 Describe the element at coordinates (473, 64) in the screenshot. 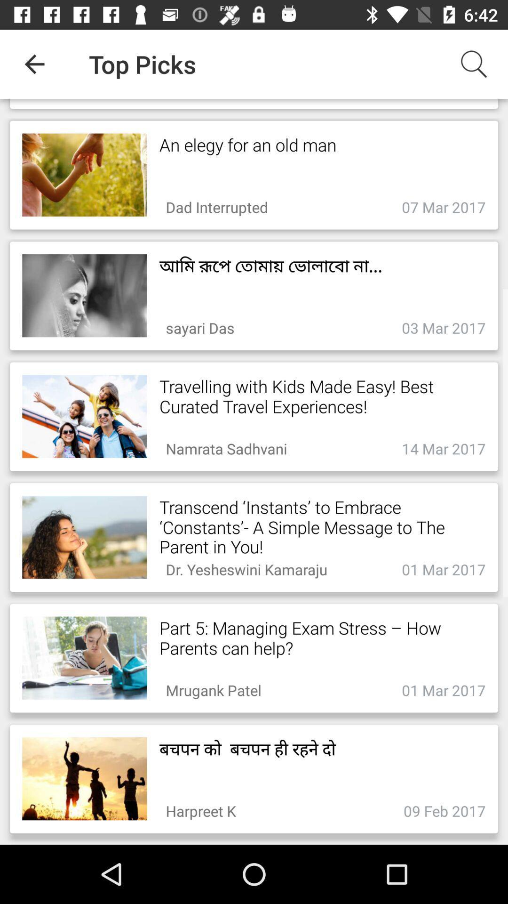

I see `the item to the right of top picks app` at that location.